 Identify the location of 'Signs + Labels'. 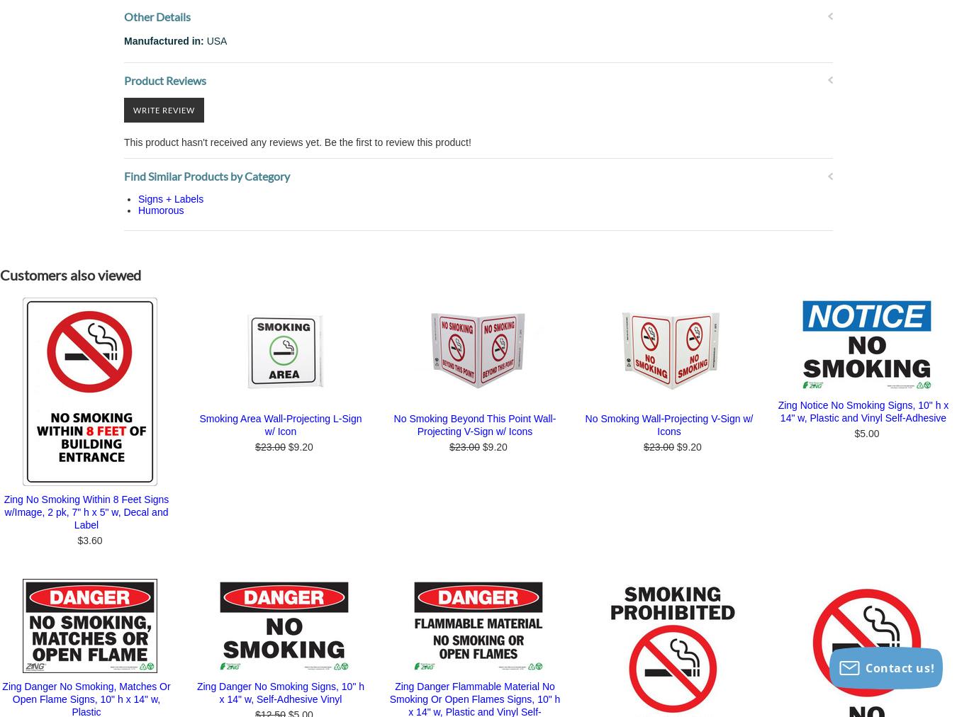
(169, 198).